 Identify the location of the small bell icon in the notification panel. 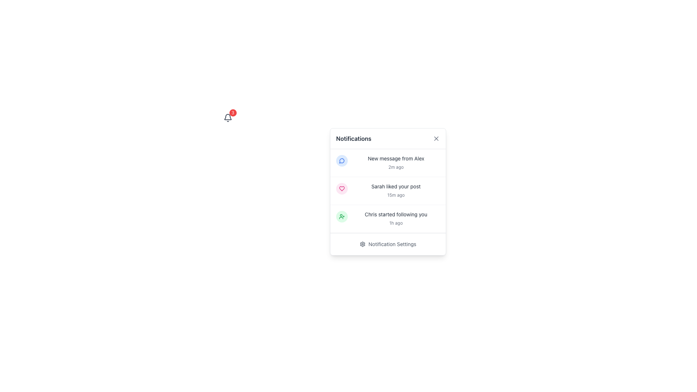
(227, 117).